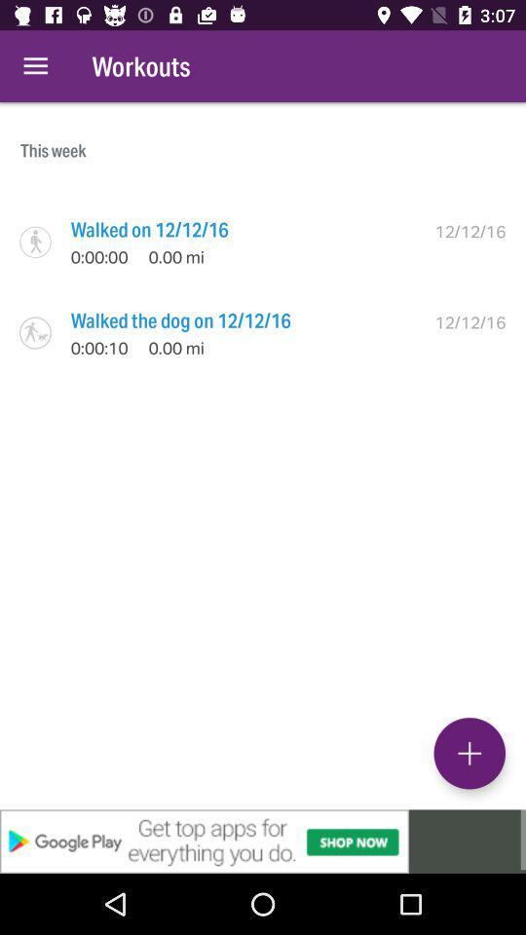 This screenshot has width=526, height=935. What do you see at coordinates (263, 841) in the screenshot?
I see `advertisement` at bounding box center [263, 841].